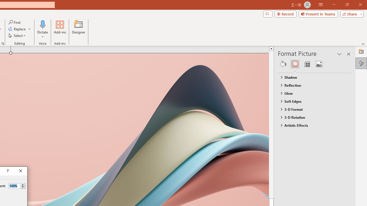  What do you see at coordinates (295, 64) in the screenshot?
I see `'Effects'` at bounding box center [295, 64].